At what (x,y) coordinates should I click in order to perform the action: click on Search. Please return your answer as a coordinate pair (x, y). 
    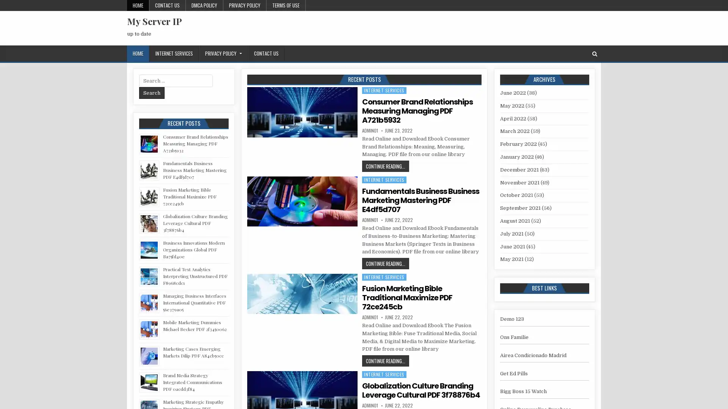
    Looking at the image, I should click on (152, 92).